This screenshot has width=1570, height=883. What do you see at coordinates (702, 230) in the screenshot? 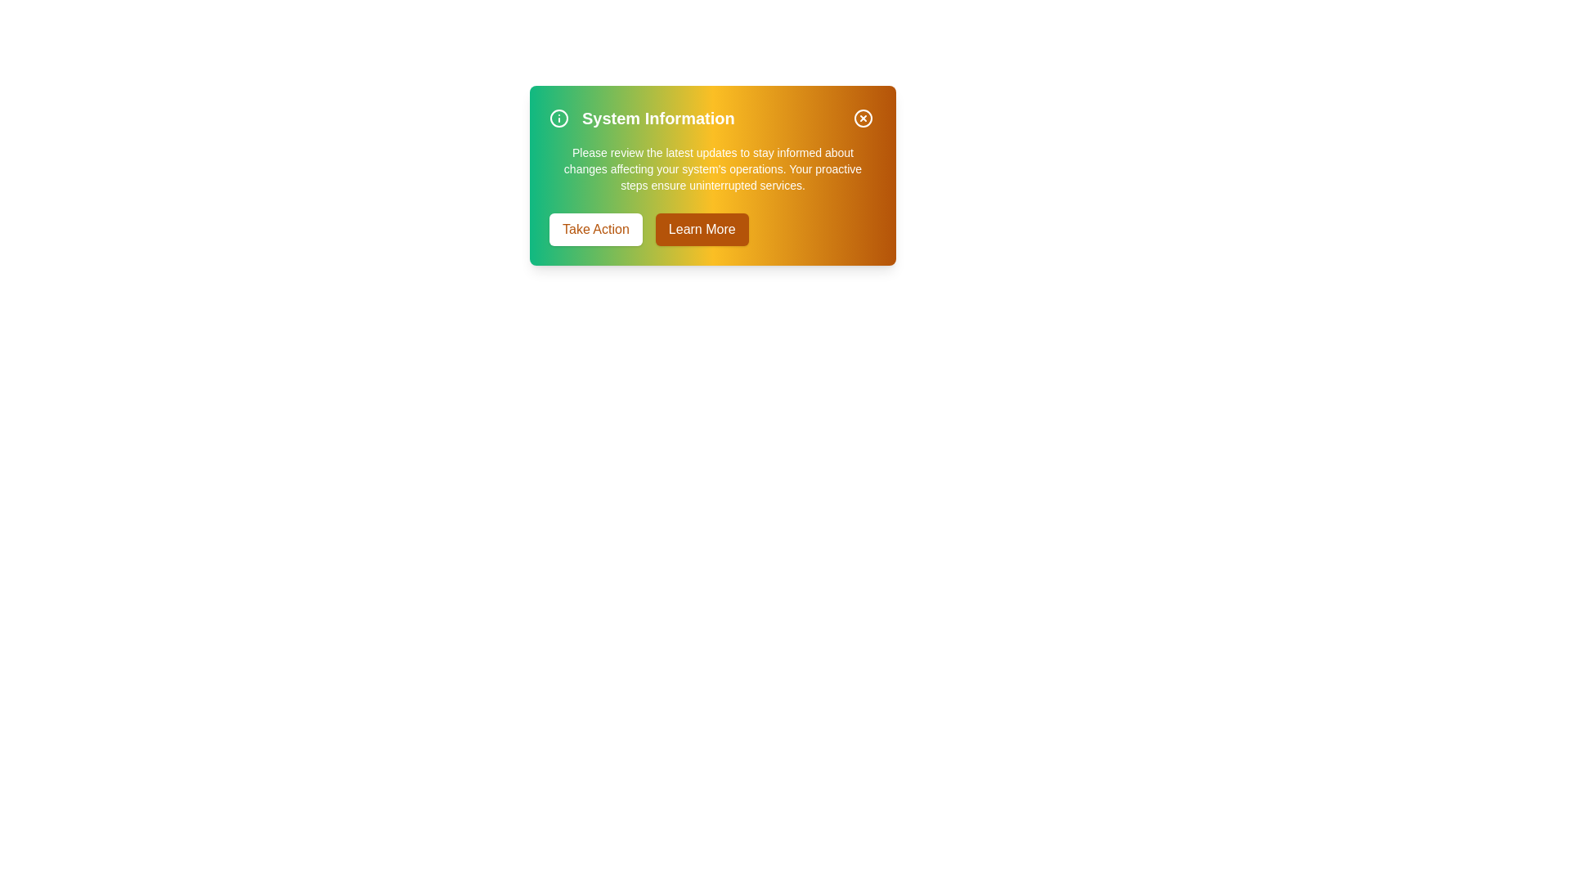
I see `the 'Learn More' button to view more details` at bounding box center [702, 230].